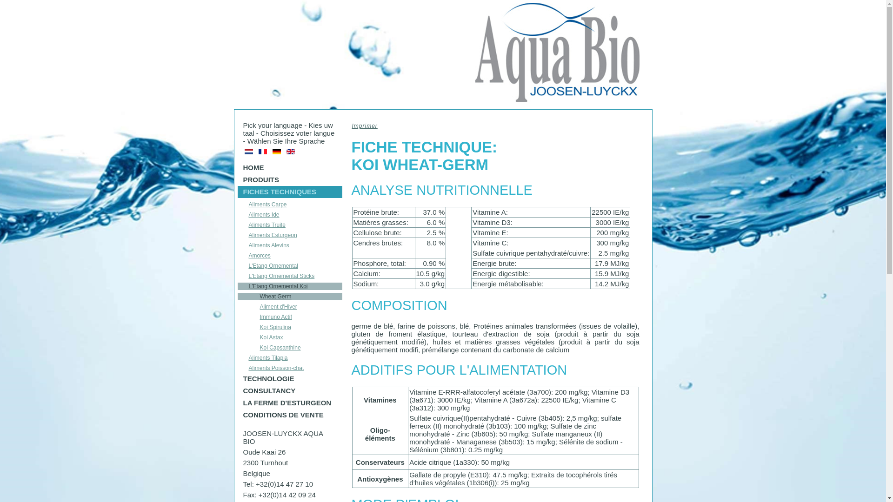 The image size is (893, 502). What do you see at coordinates (289, 276) in the screenshot?
I see `'L'Etang Ornemental Sticks'` at bounding box center [289, 276].